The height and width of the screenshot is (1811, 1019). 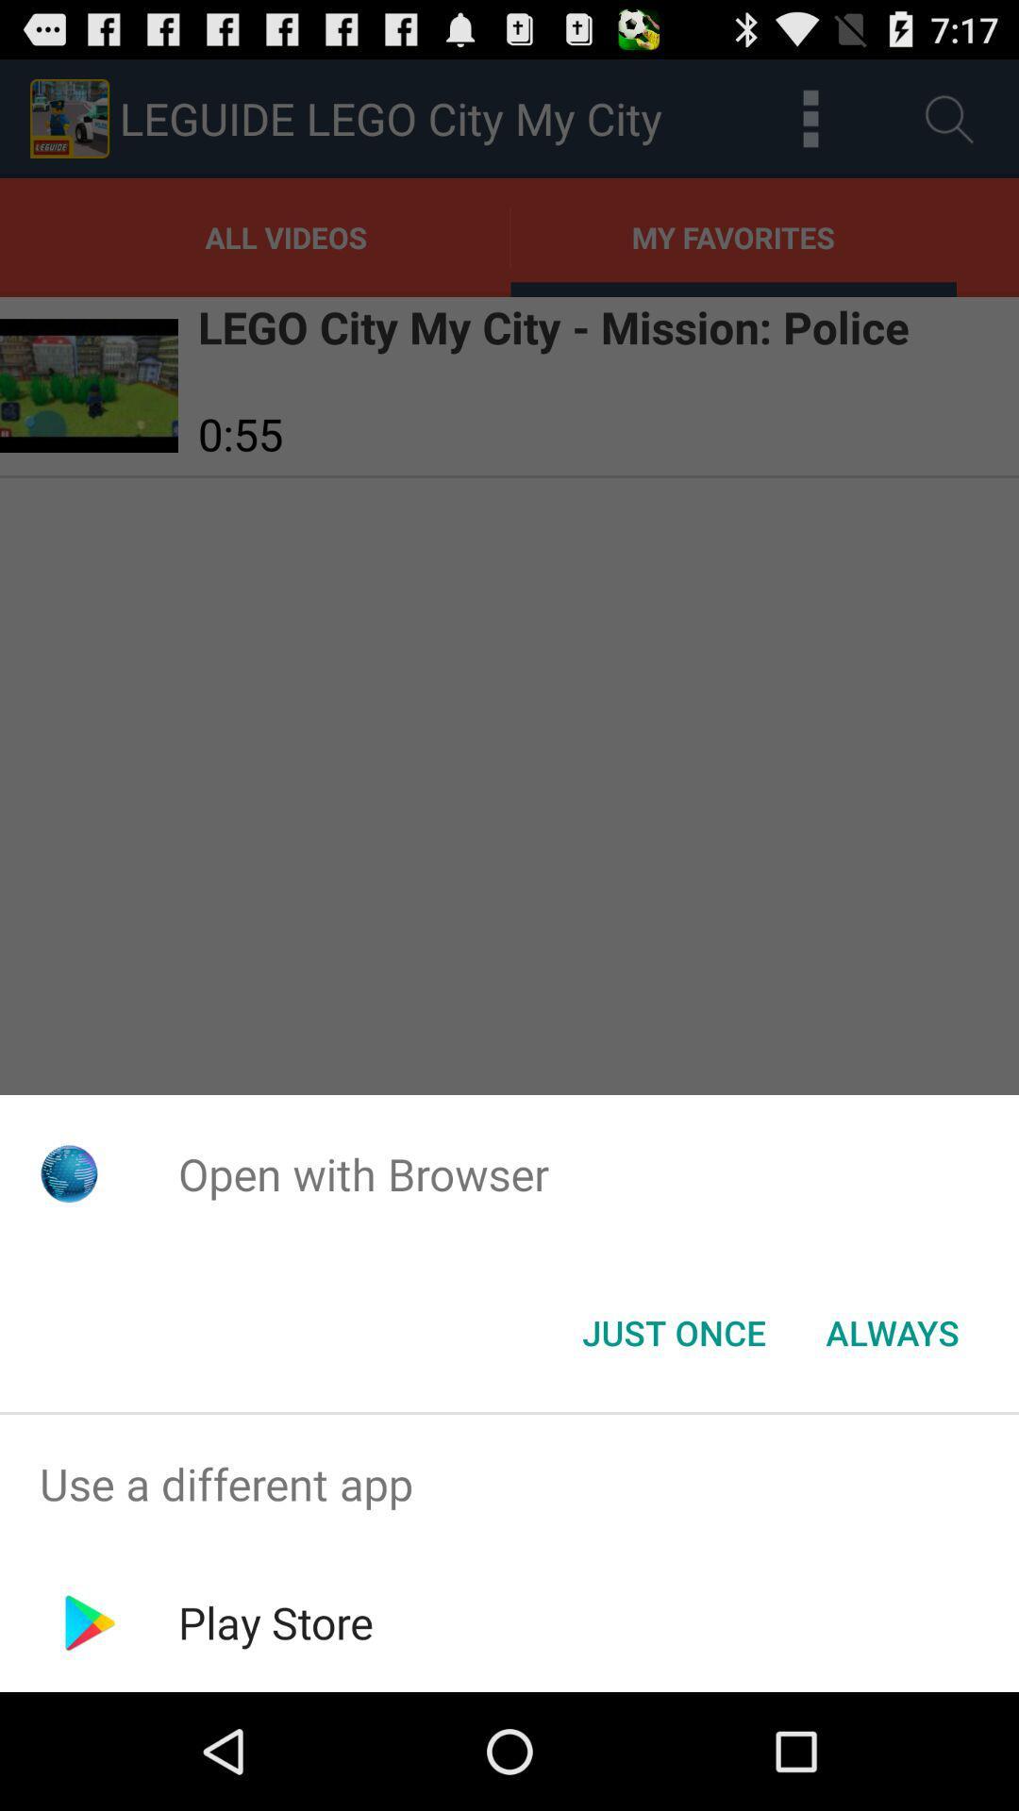 What do you see at coordinates (673, 1331) in the screenshot?
I see `the item below open with browser icon` at bounding box center [673, 1331].